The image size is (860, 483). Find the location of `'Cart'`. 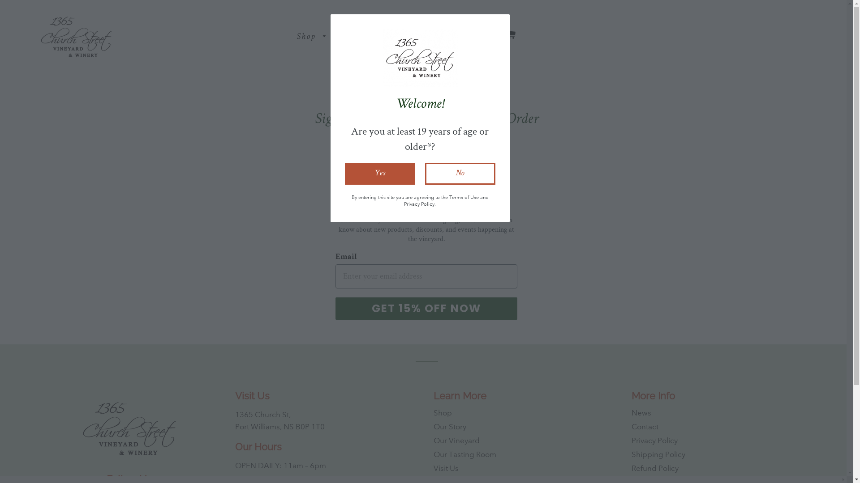

'Cart' is located at coordinates (510, 36).